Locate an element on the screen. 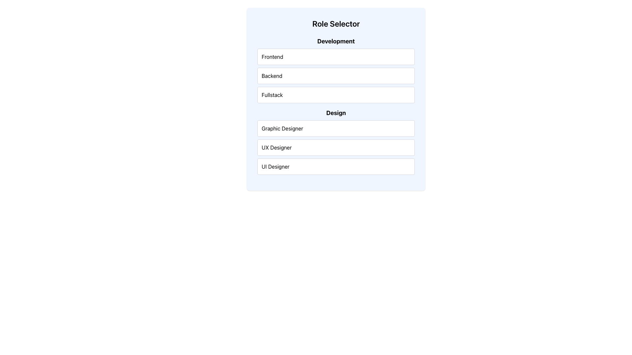  the third selectable option in the 'Development' category of the selection menu, positioned between 'Backend' and 'Design' is located at coordinates (336, 95).